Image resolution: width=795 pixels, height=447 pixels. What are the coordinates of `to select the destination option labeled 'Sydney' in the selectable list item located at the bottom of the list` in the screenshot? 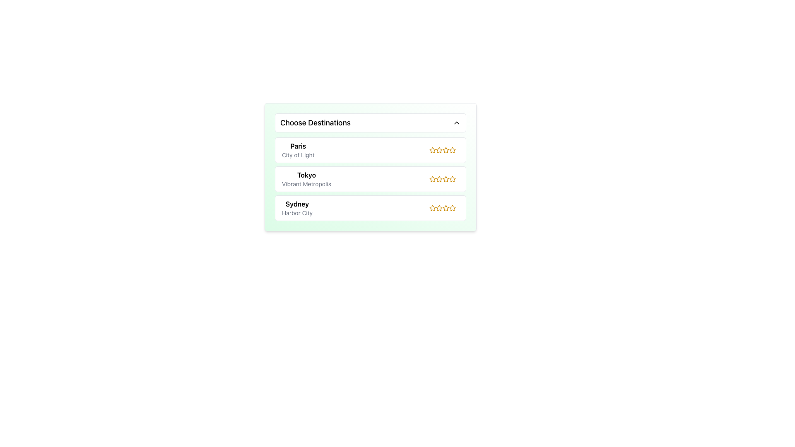 It's located at (370, 207).